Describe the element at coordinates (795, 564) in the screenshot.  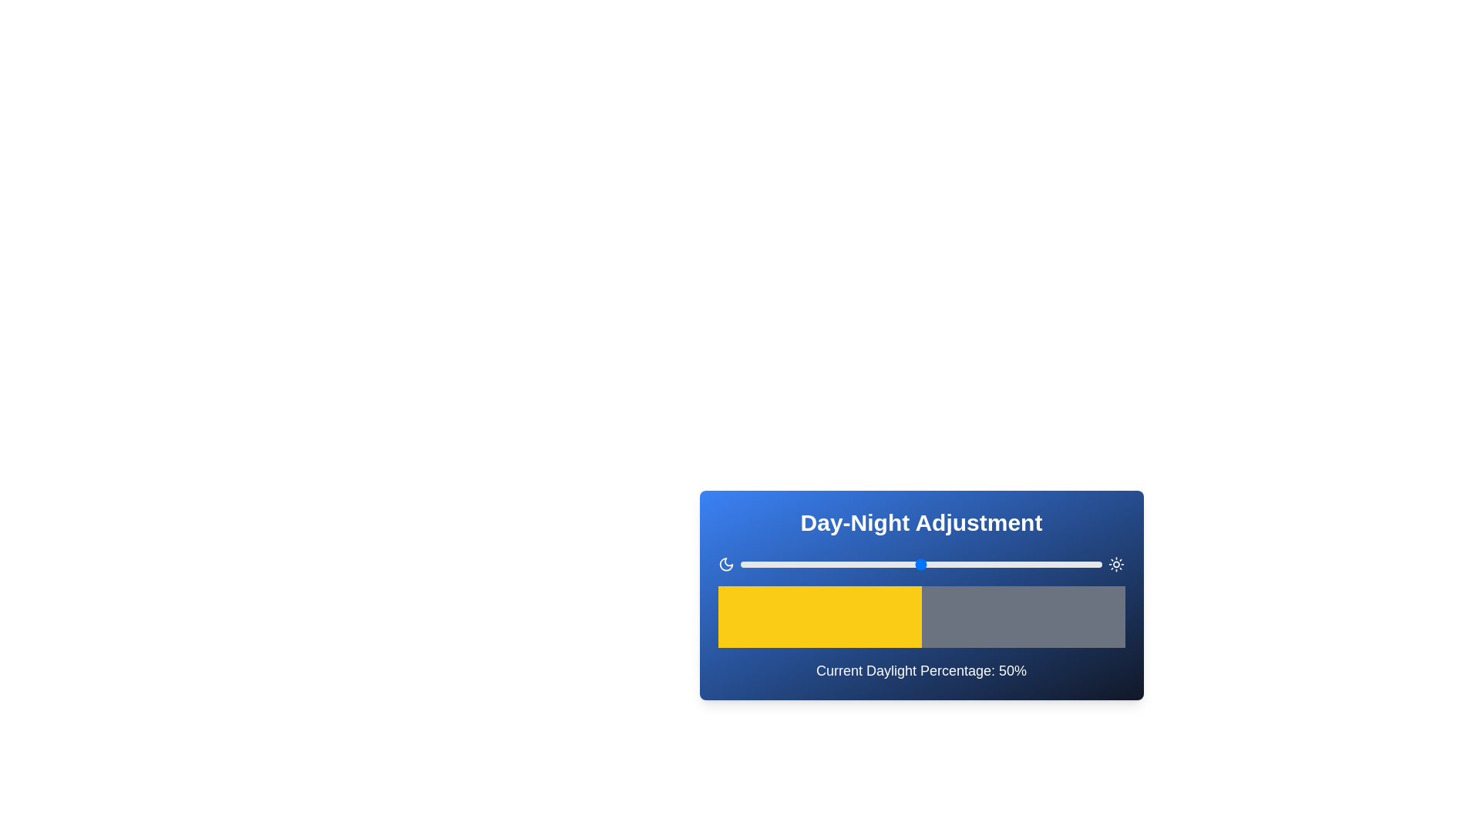
I see `the daylight percentage slider to 15%` at that location.